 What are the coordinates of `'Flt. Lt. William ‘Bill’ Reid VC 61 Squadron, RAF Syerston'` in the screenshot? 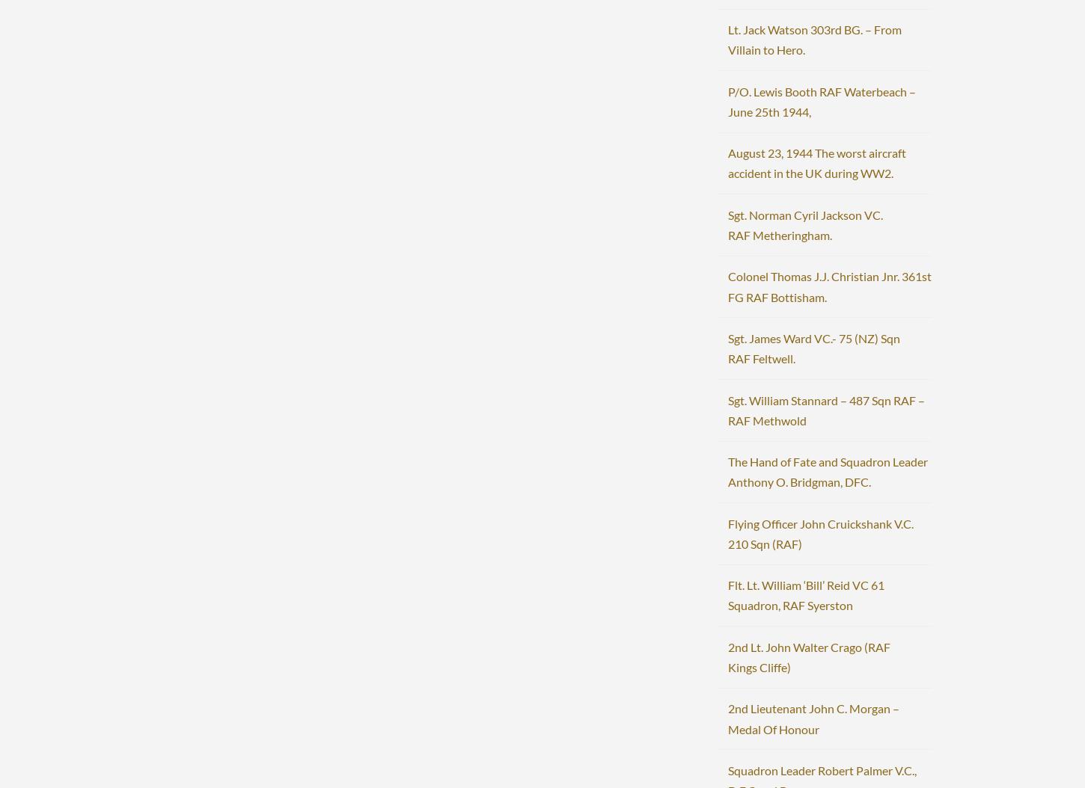 It's located at (727, 594).